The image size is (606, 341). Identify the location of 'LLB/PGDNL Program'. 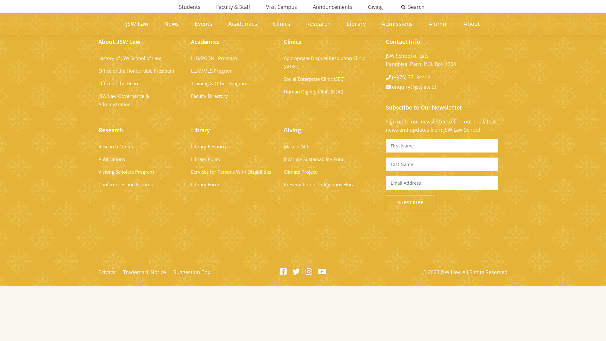
(214, 58).